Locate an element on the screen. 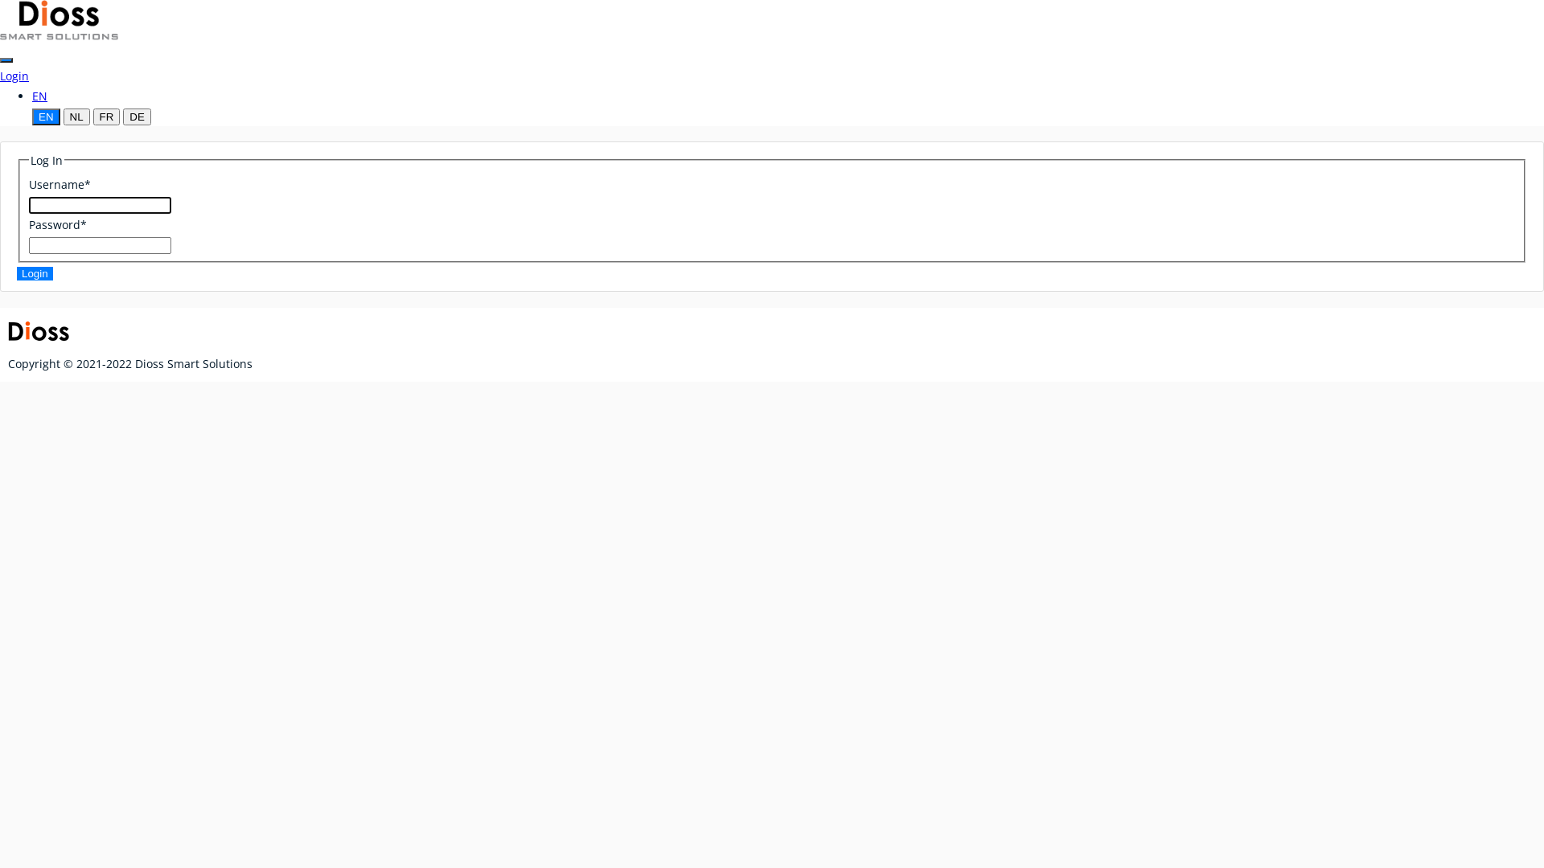  'DE' is located at coordinates (122, 116).